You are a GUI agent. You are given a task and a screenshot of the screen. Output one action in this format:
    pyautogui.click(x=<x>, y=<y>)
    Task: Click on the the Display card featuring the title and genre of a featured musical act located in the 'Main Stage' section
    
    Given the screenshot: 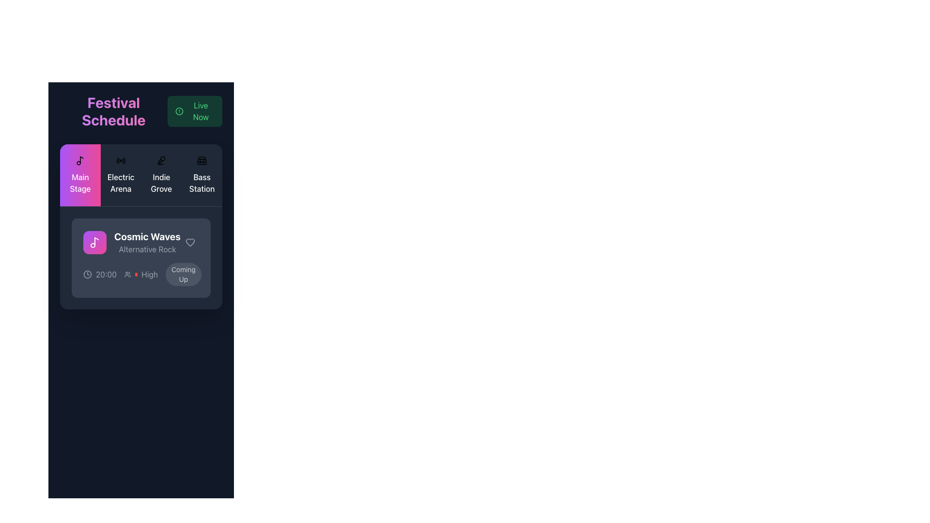 What is the action you would take?
    pyautogui.click(x=140, y=242)
    